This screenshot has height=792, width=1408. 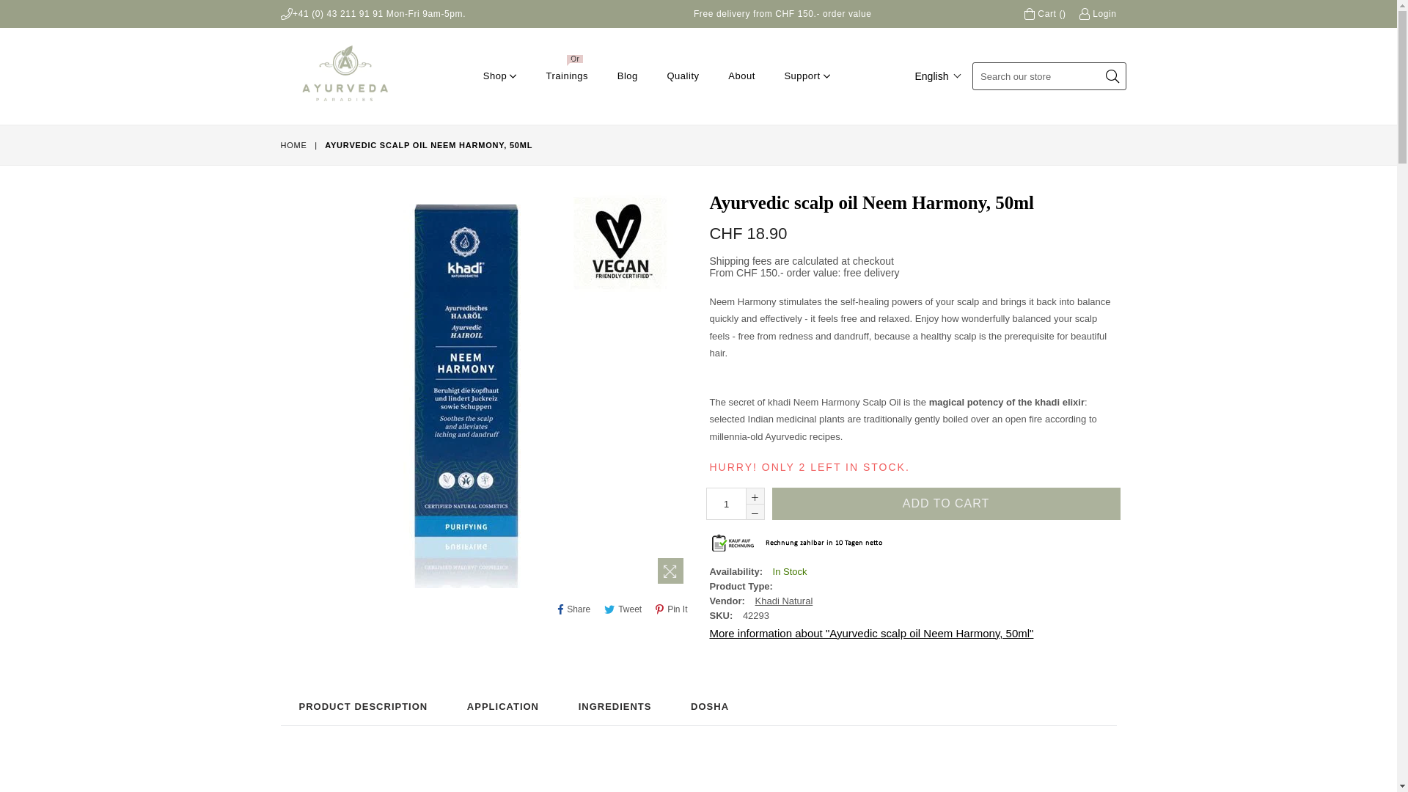 What do you see at coordinates (623, 609) in the screenshot?
I see `'Tweet` at bounding box center [623, 609].